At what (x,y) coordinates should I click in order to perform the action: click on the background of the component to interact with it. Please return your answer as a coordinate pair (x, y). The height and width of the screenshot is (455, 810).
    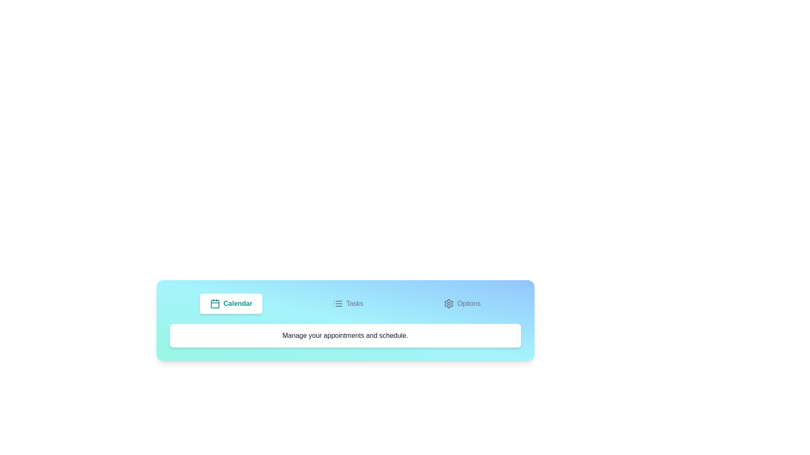
    Looking at the image, I should click on (345, 320).